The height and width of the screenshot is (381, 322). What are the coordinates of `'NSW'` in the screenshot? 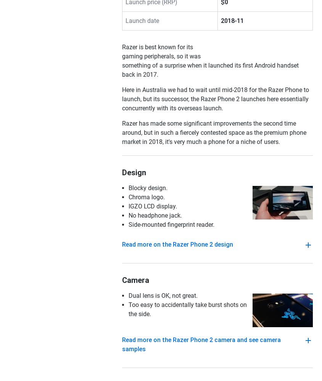 It's located at (204, 145).